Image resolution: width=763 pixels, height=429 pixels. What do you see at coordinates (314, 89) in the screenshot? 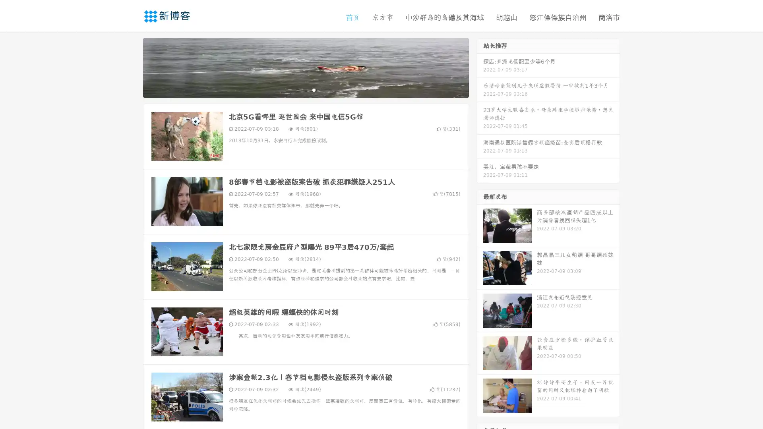
I see `Go to slide 3` at bounding box center [314, 89].